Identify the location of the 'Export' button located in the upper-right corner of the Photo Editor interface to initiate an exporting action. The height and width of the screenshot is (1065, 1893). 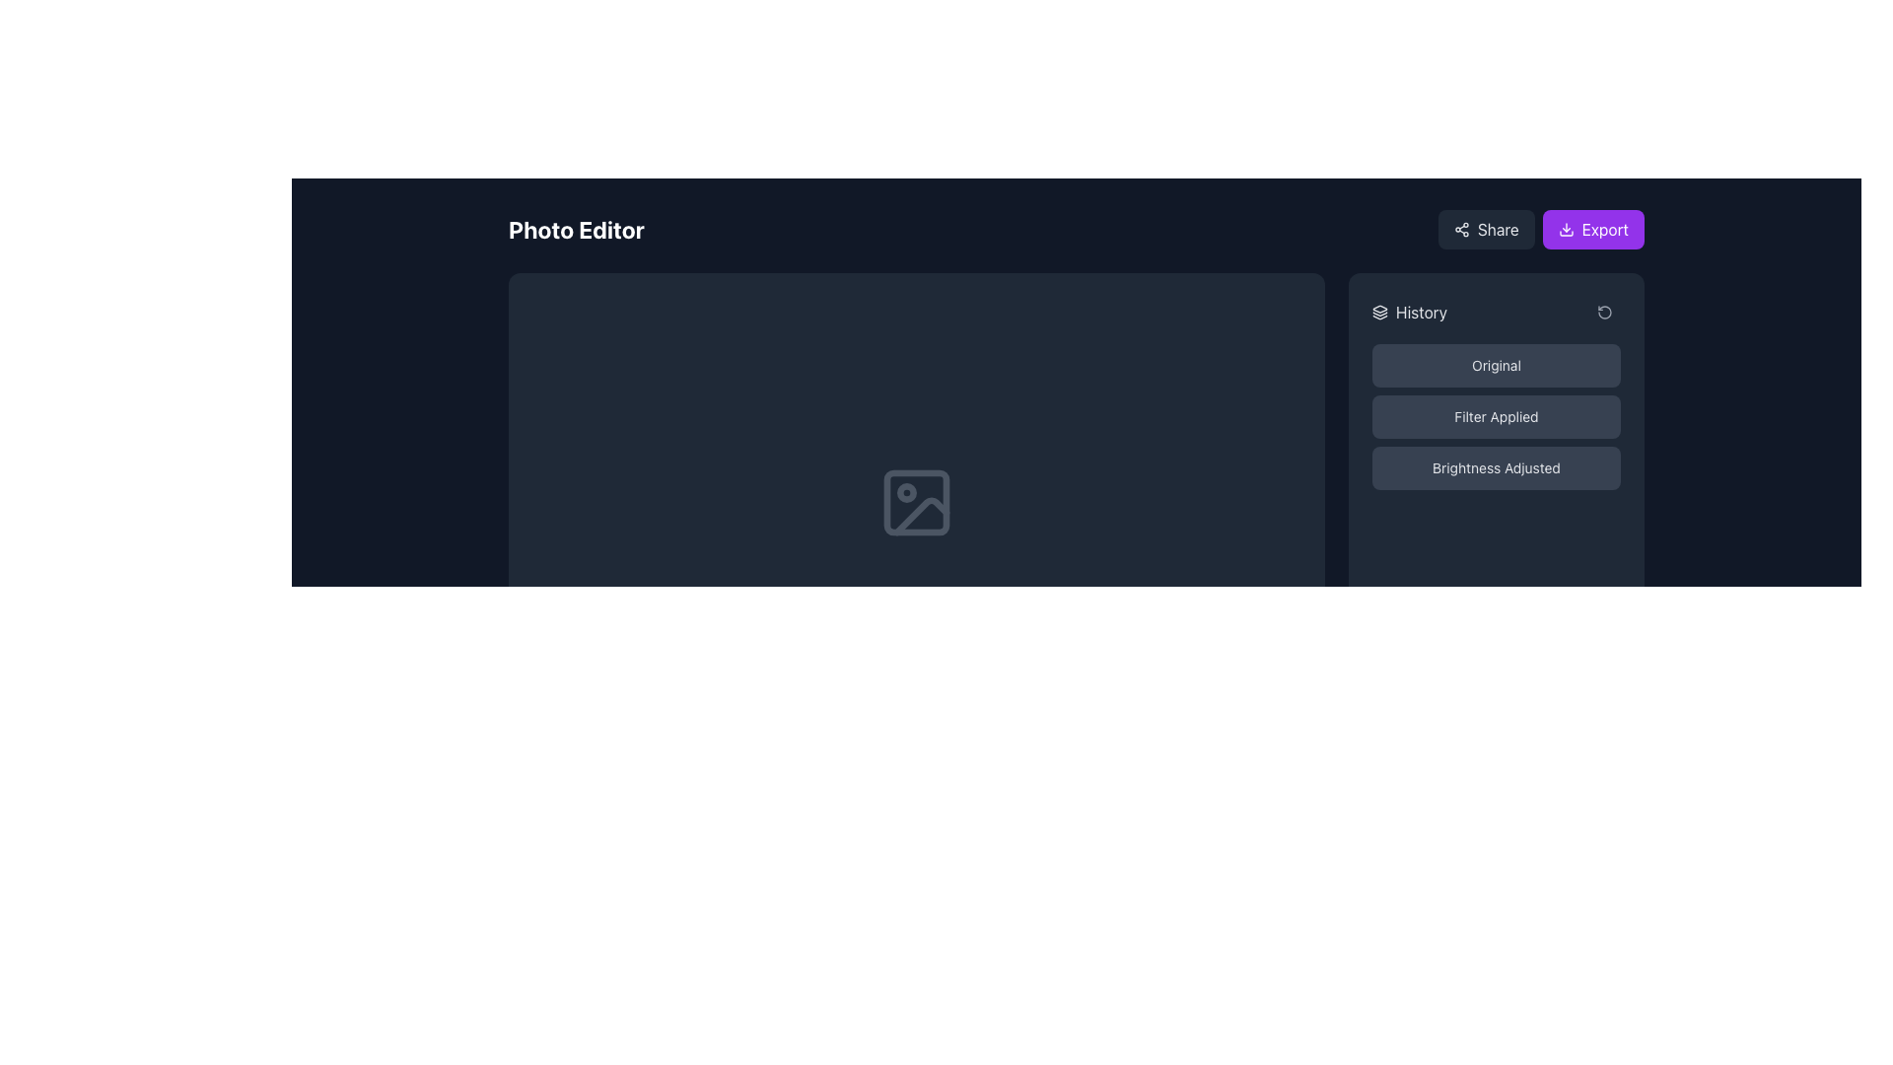
(1540, 228).